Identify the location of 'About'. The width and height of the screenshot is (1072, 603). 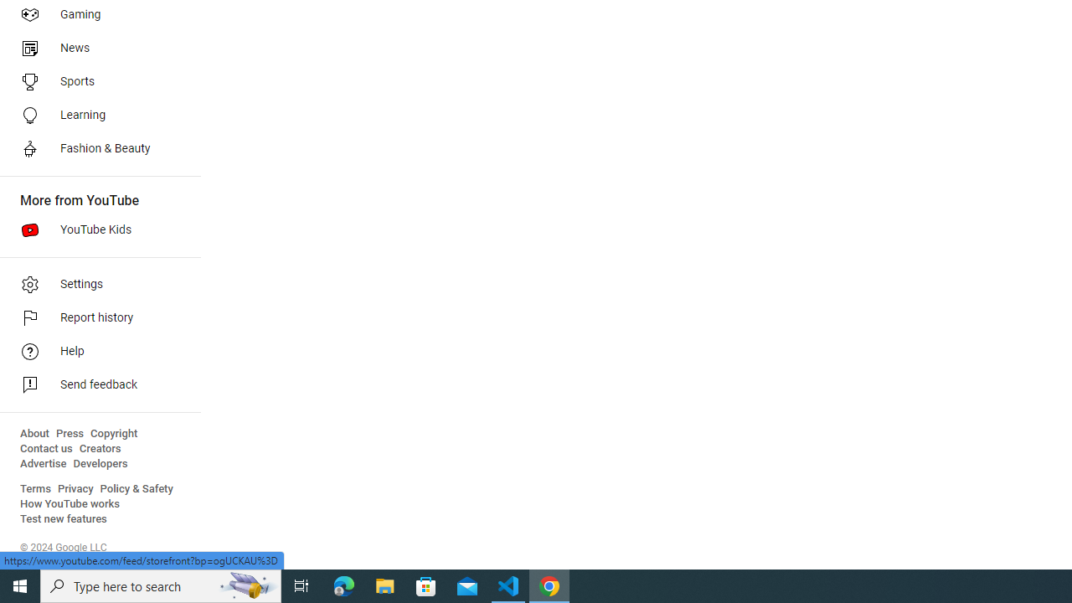
(34, 433).